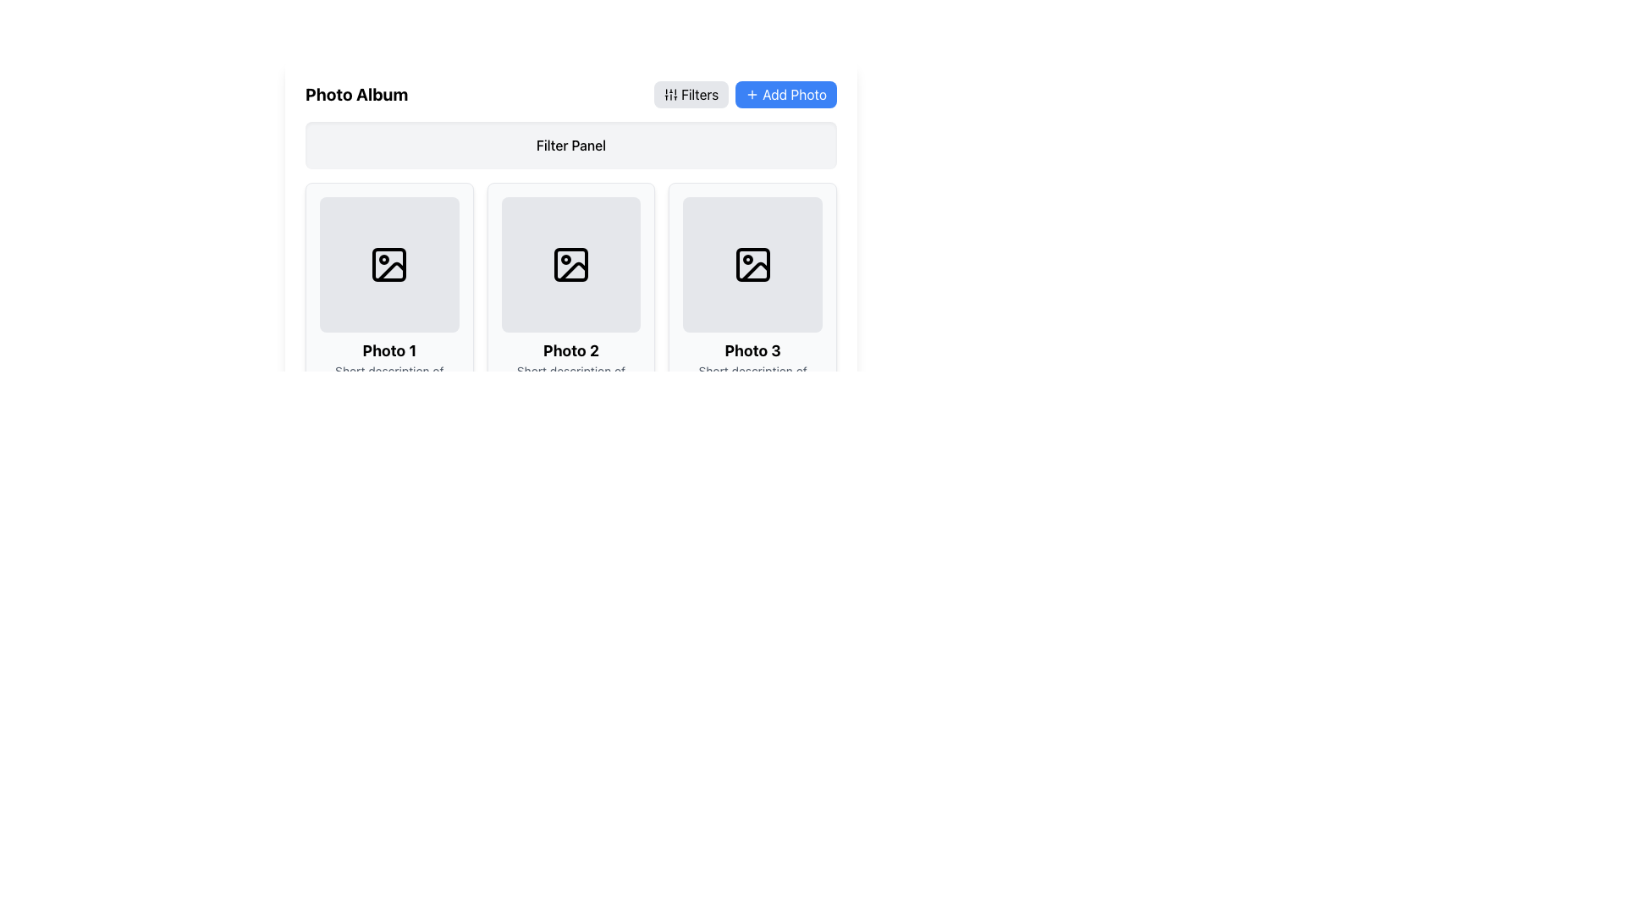  I want to click on the text label within the blue button located at the top-right corner of the interface to observe the visual response, so click(794, 94).